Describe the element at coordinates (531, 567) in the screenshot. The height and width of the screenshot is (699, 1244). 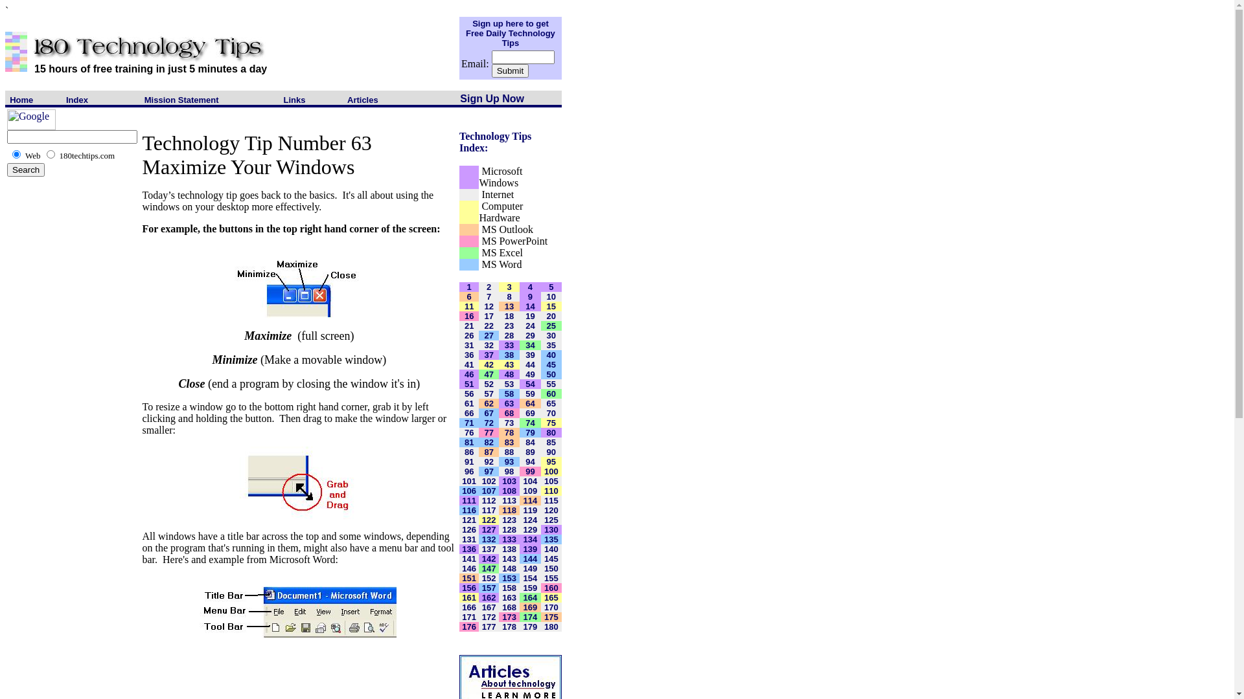
I see `'149'` at that location.